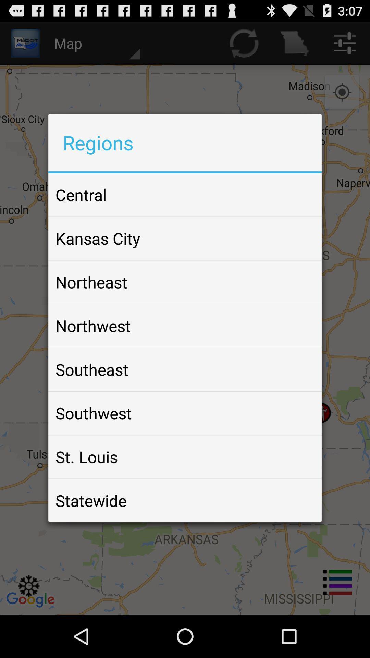 The height and width of the screenshot is (658, 370). I want to click on item to the right of kansas city, so click(299, 239).